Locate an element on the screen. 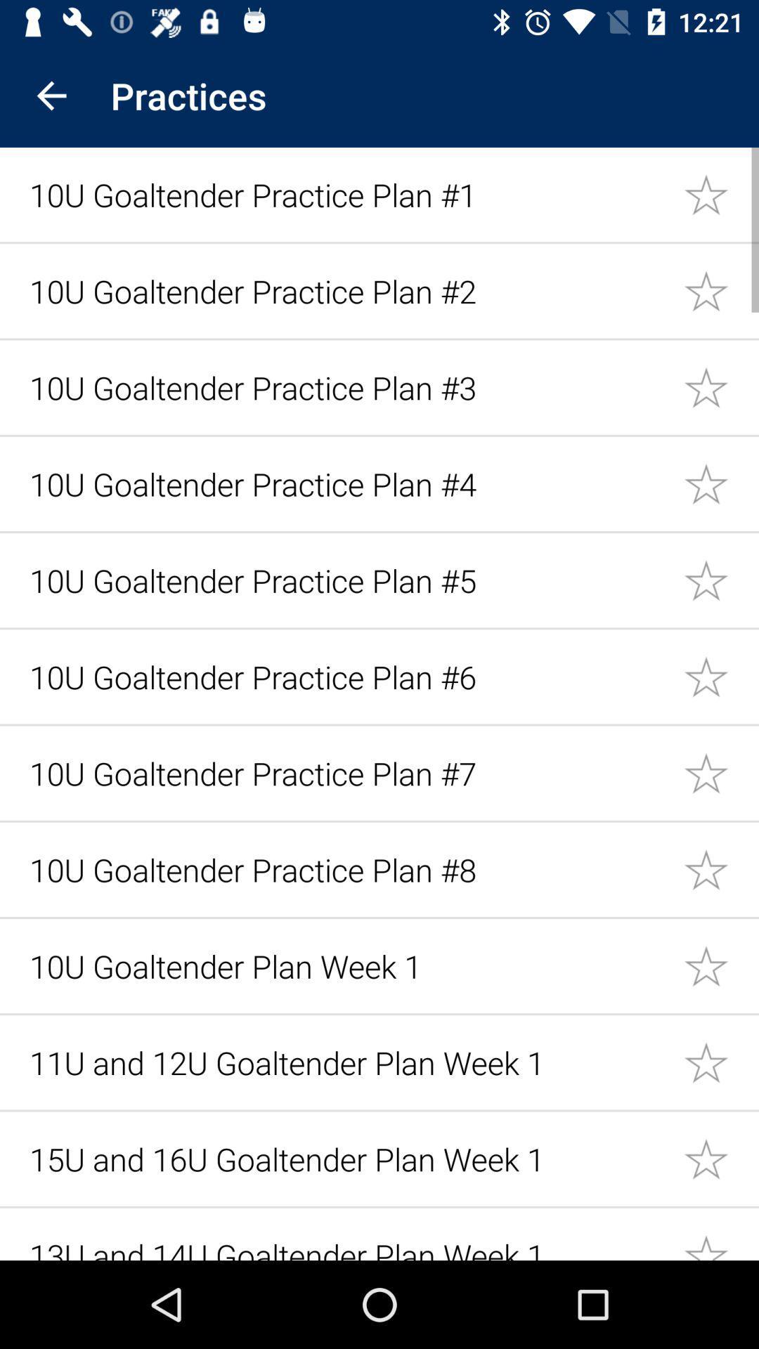 This screenshot has height=1349, width=759. to favorites is located at coordinates (721, 772).